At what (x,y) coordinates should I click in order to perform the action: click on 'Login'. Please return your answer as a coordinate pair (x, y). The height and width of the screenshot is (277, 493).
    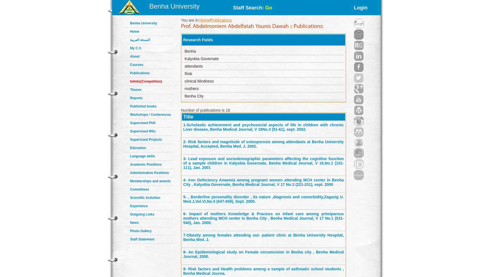
    Looking at the image, I should click on (360, 8).